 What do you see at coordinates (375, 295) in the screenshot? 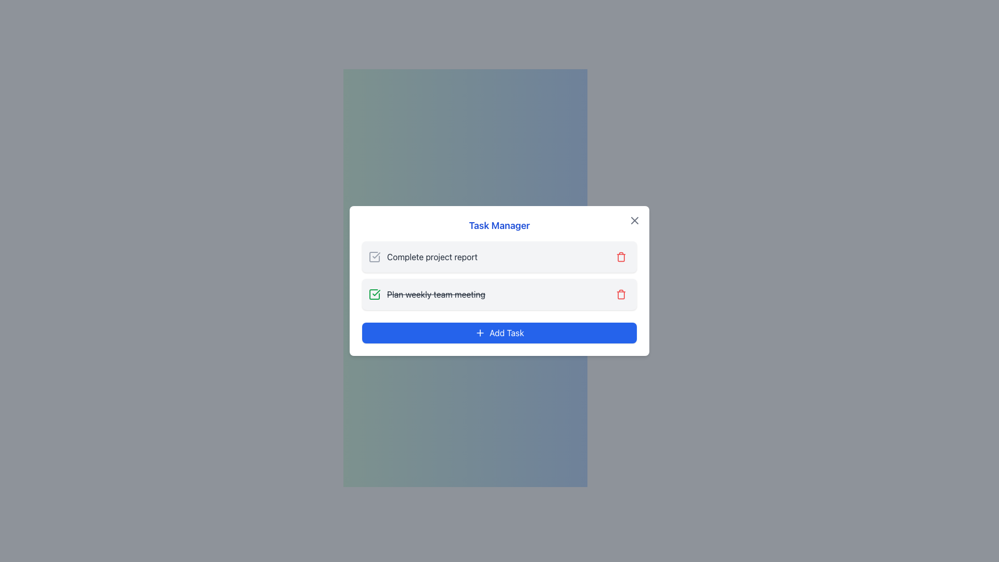
I see `the checkbox outline` at bounding box center [375, 295].